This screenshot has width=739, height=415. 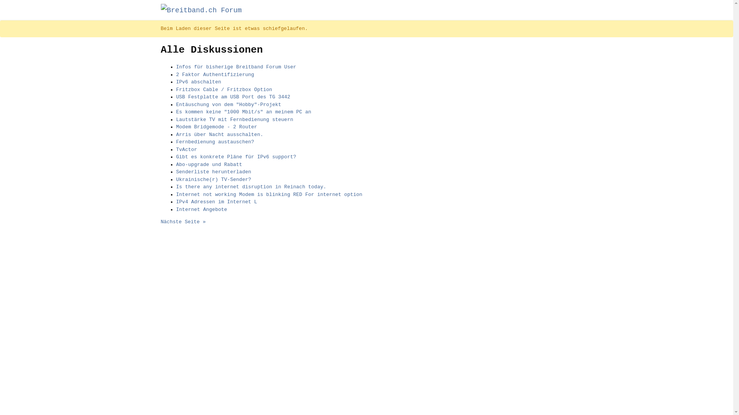 What do you see at coordinates (216, 201) in the screenshot?
I see `'IPv4 Adressen im Internet L'` at bounding box center [216, 201].